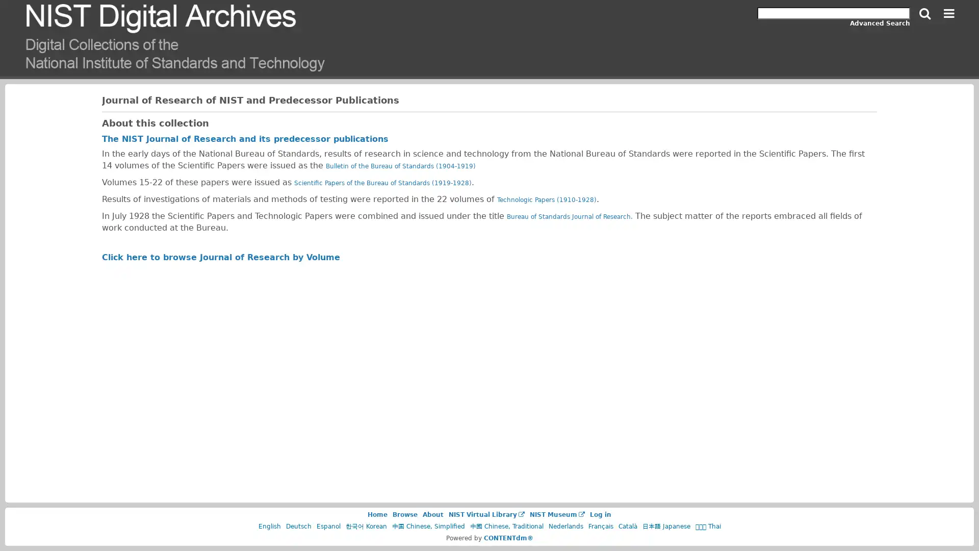  What do you see at coordinates (564, 527) in the screenshot?
I see `Nederlands` at bounding box center [564, 527].